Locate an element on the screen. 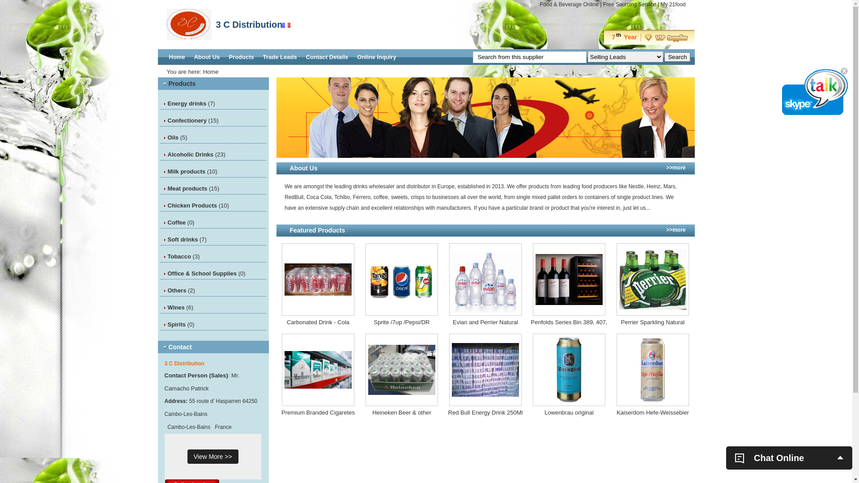 This screenshot has height=483, width=859. 'Milk products (10)' is located at coordinates (191, 171).